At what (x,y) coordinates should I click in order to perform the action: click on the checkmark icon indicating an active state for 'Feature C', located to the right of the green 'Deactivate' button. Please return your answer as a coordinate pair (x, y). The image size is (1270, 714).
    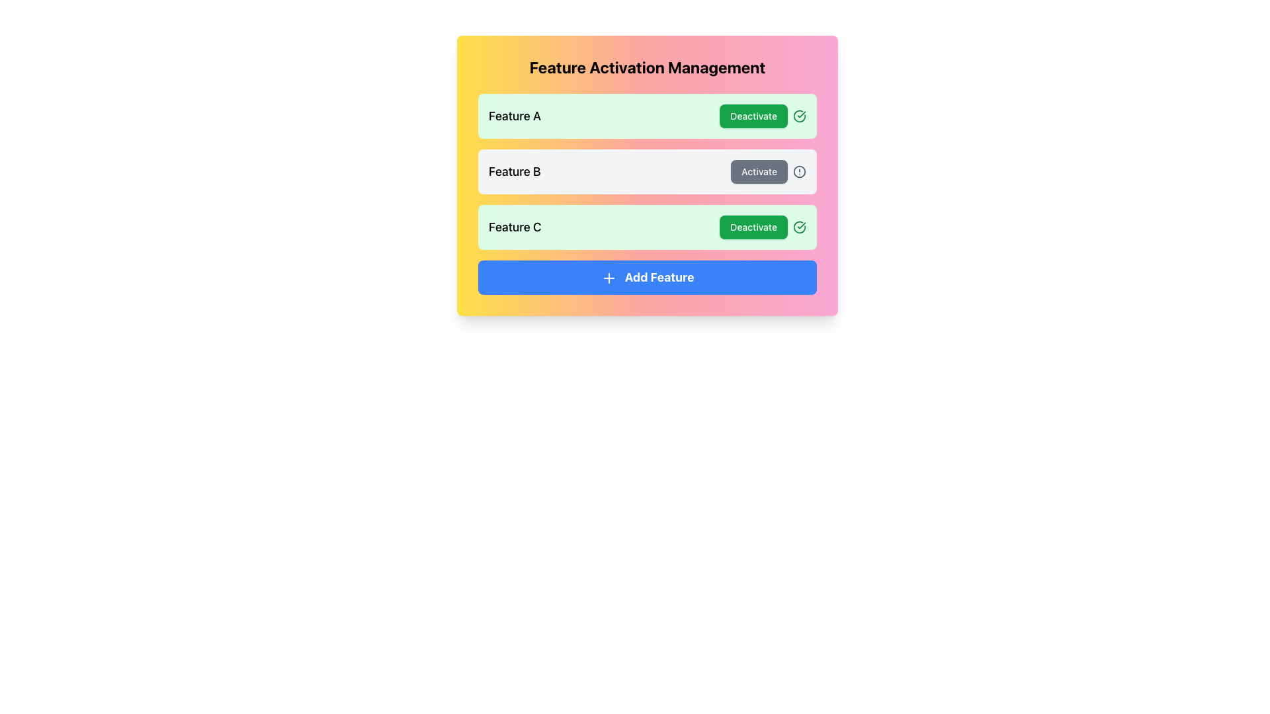
    Looking at the image, I should click on (799, 116).